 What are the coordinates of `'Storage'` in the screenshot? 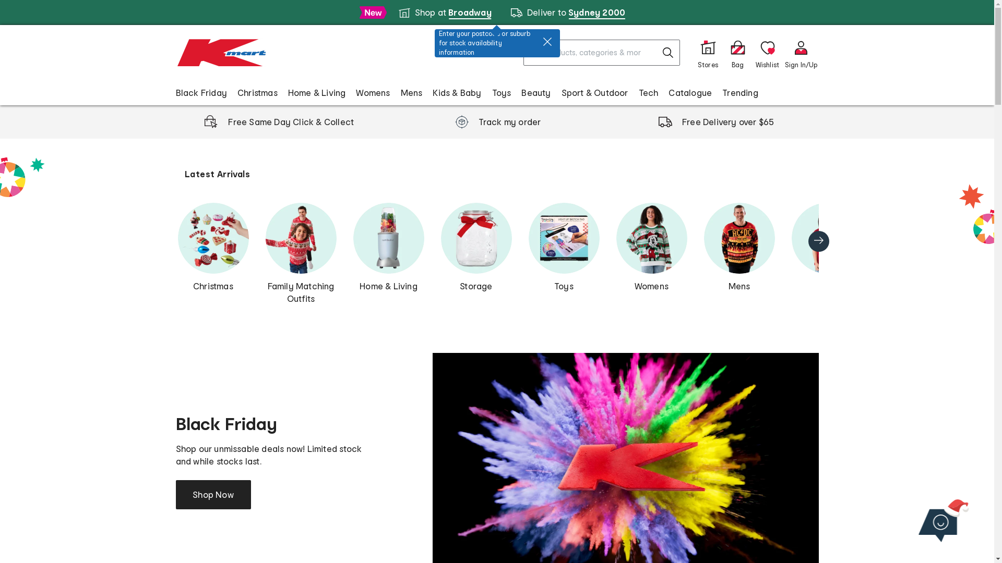 It's located at (475, 247).